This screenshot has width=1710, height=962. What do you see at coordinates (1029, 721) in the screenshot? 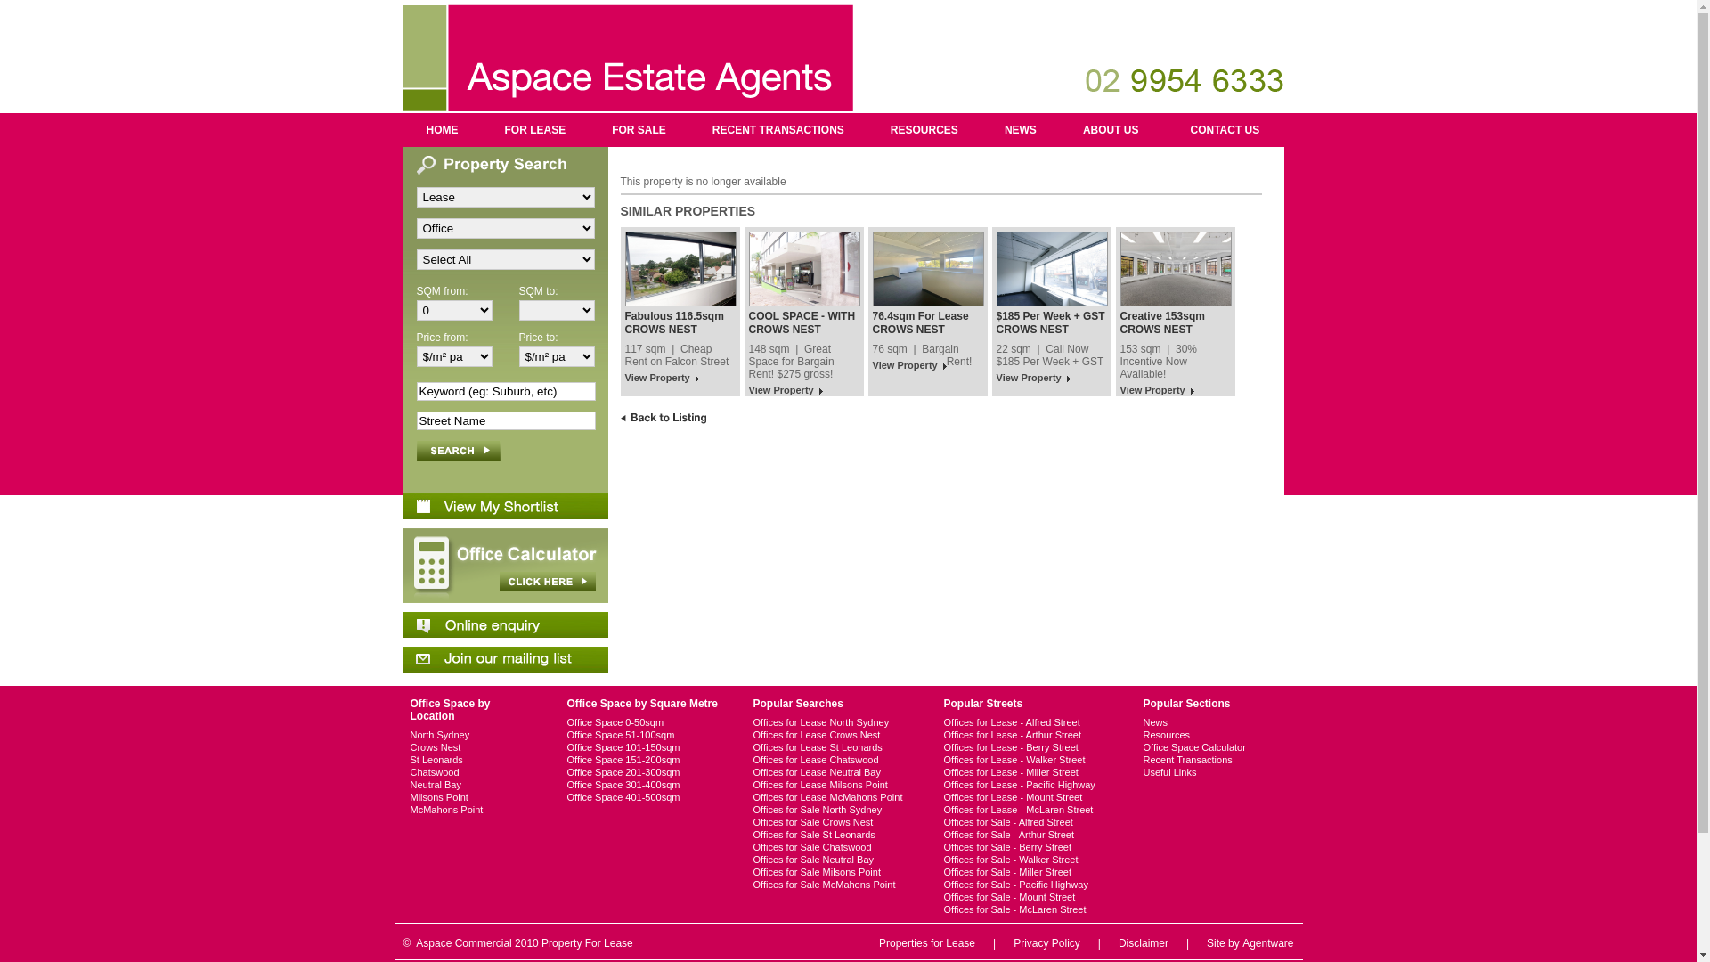
I see `'Offices for Lease - Alfred Street'` at bounding box center [1029, 721].